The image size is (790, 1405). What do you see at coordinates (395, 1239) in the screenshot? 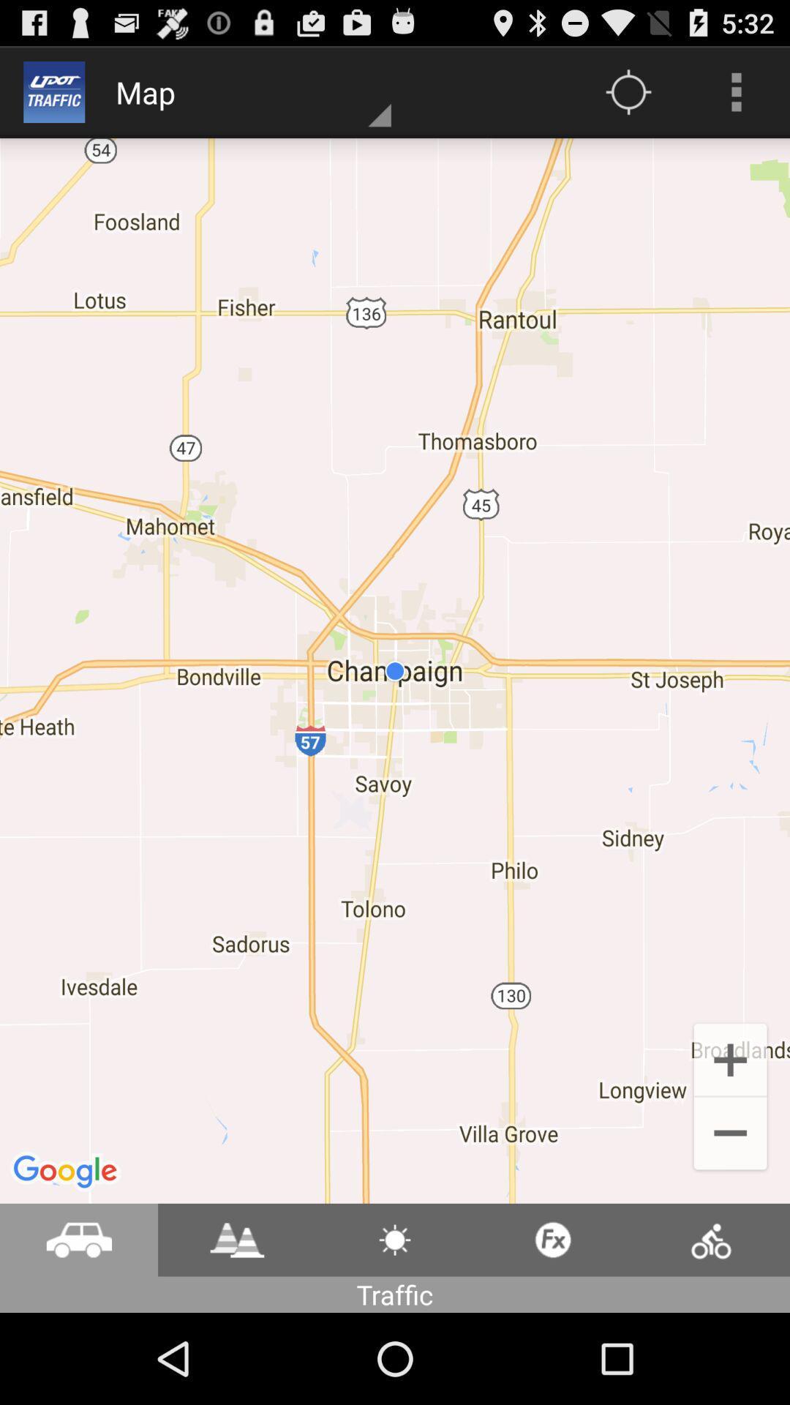
I see `button` at bounding box center [395, 1239].